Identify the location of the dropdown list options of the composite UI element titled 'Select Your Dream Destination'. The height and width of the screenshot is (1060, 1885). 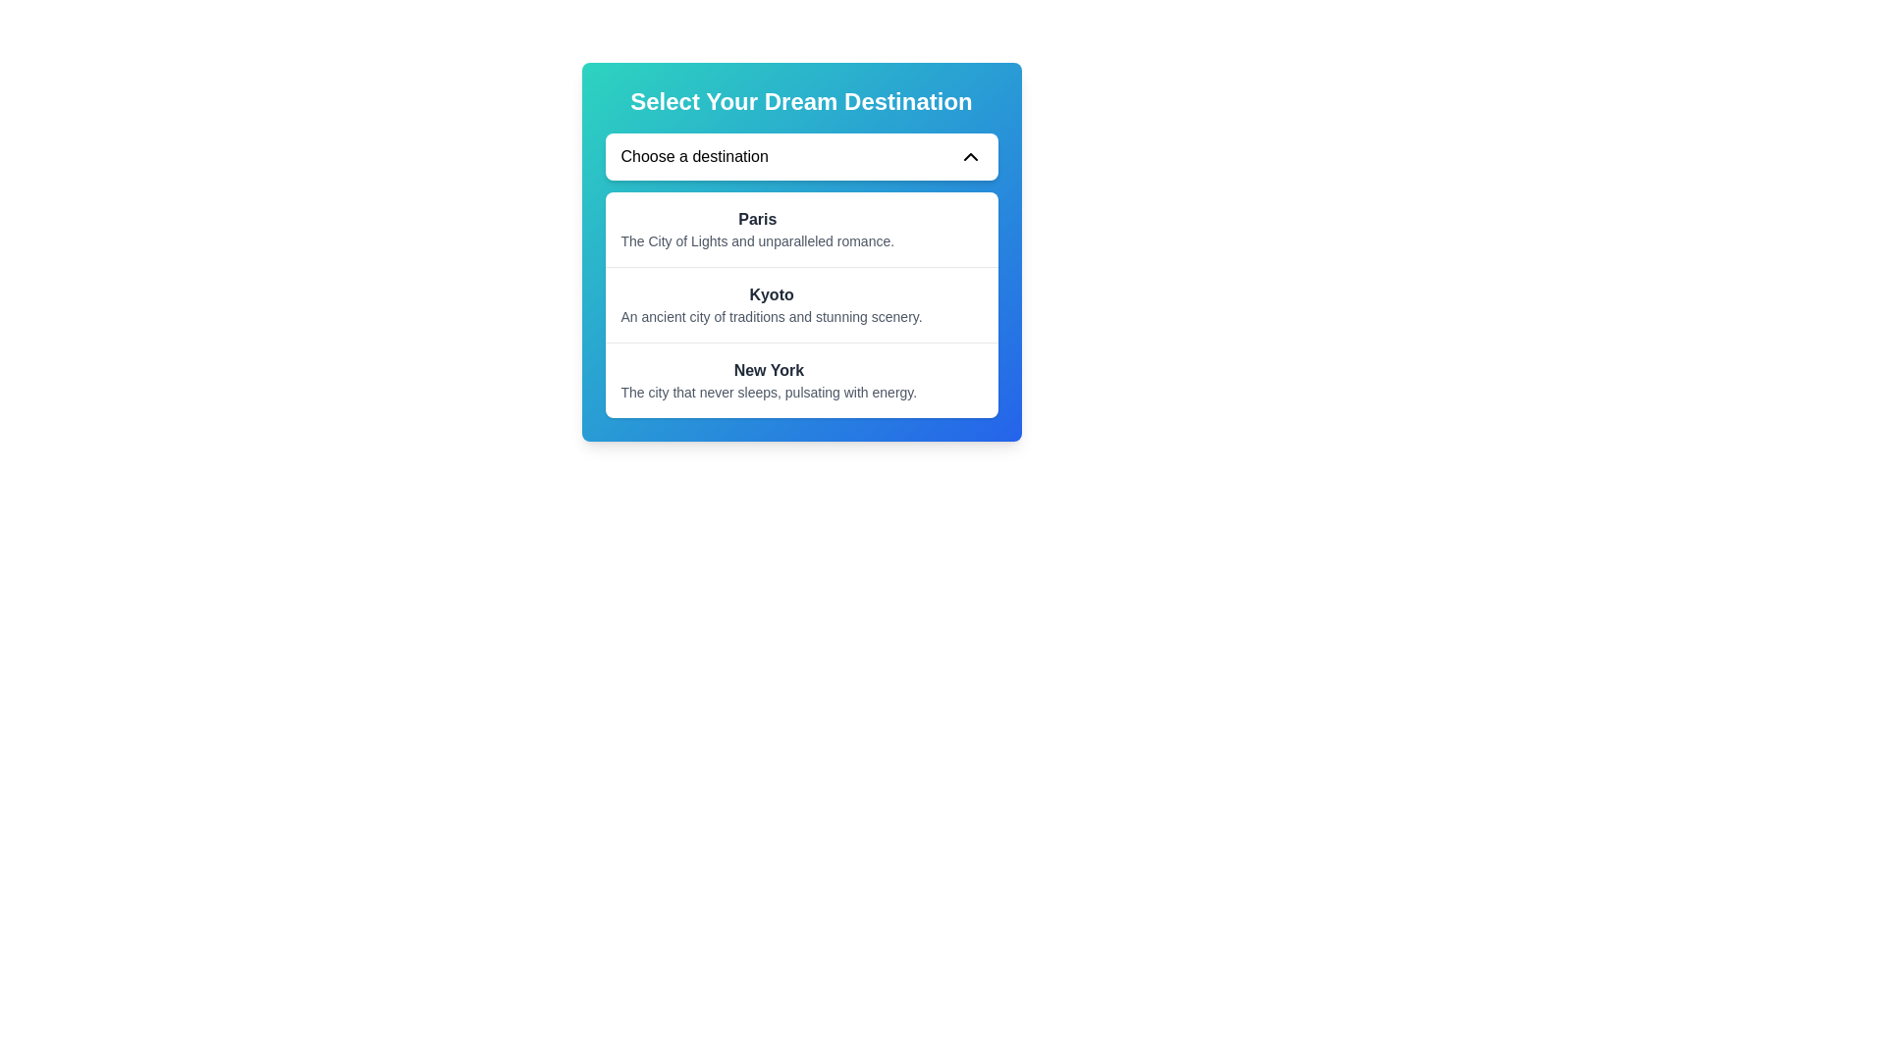
(801, 251).